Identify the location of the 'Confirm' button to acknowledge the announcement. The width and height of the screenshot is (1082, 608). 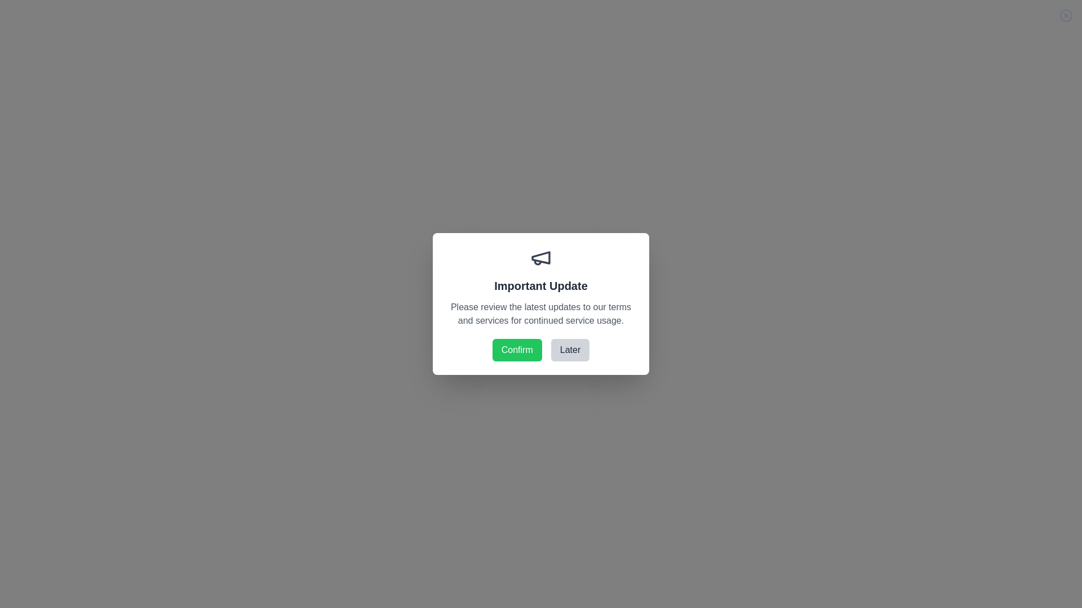
(516, 349).